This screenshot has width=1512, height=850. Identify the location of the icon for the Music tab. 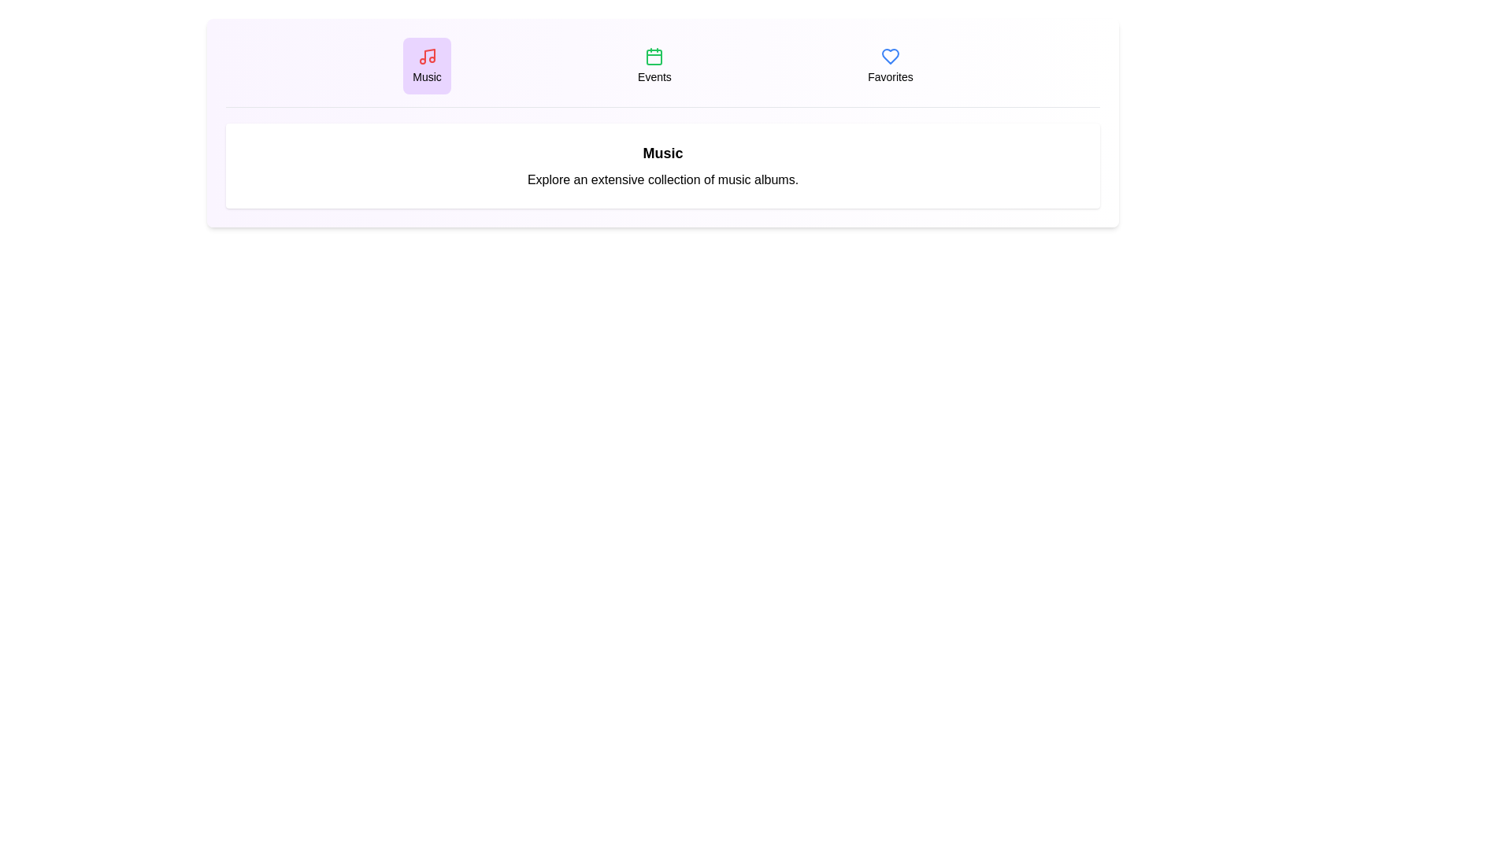
(427, 56).